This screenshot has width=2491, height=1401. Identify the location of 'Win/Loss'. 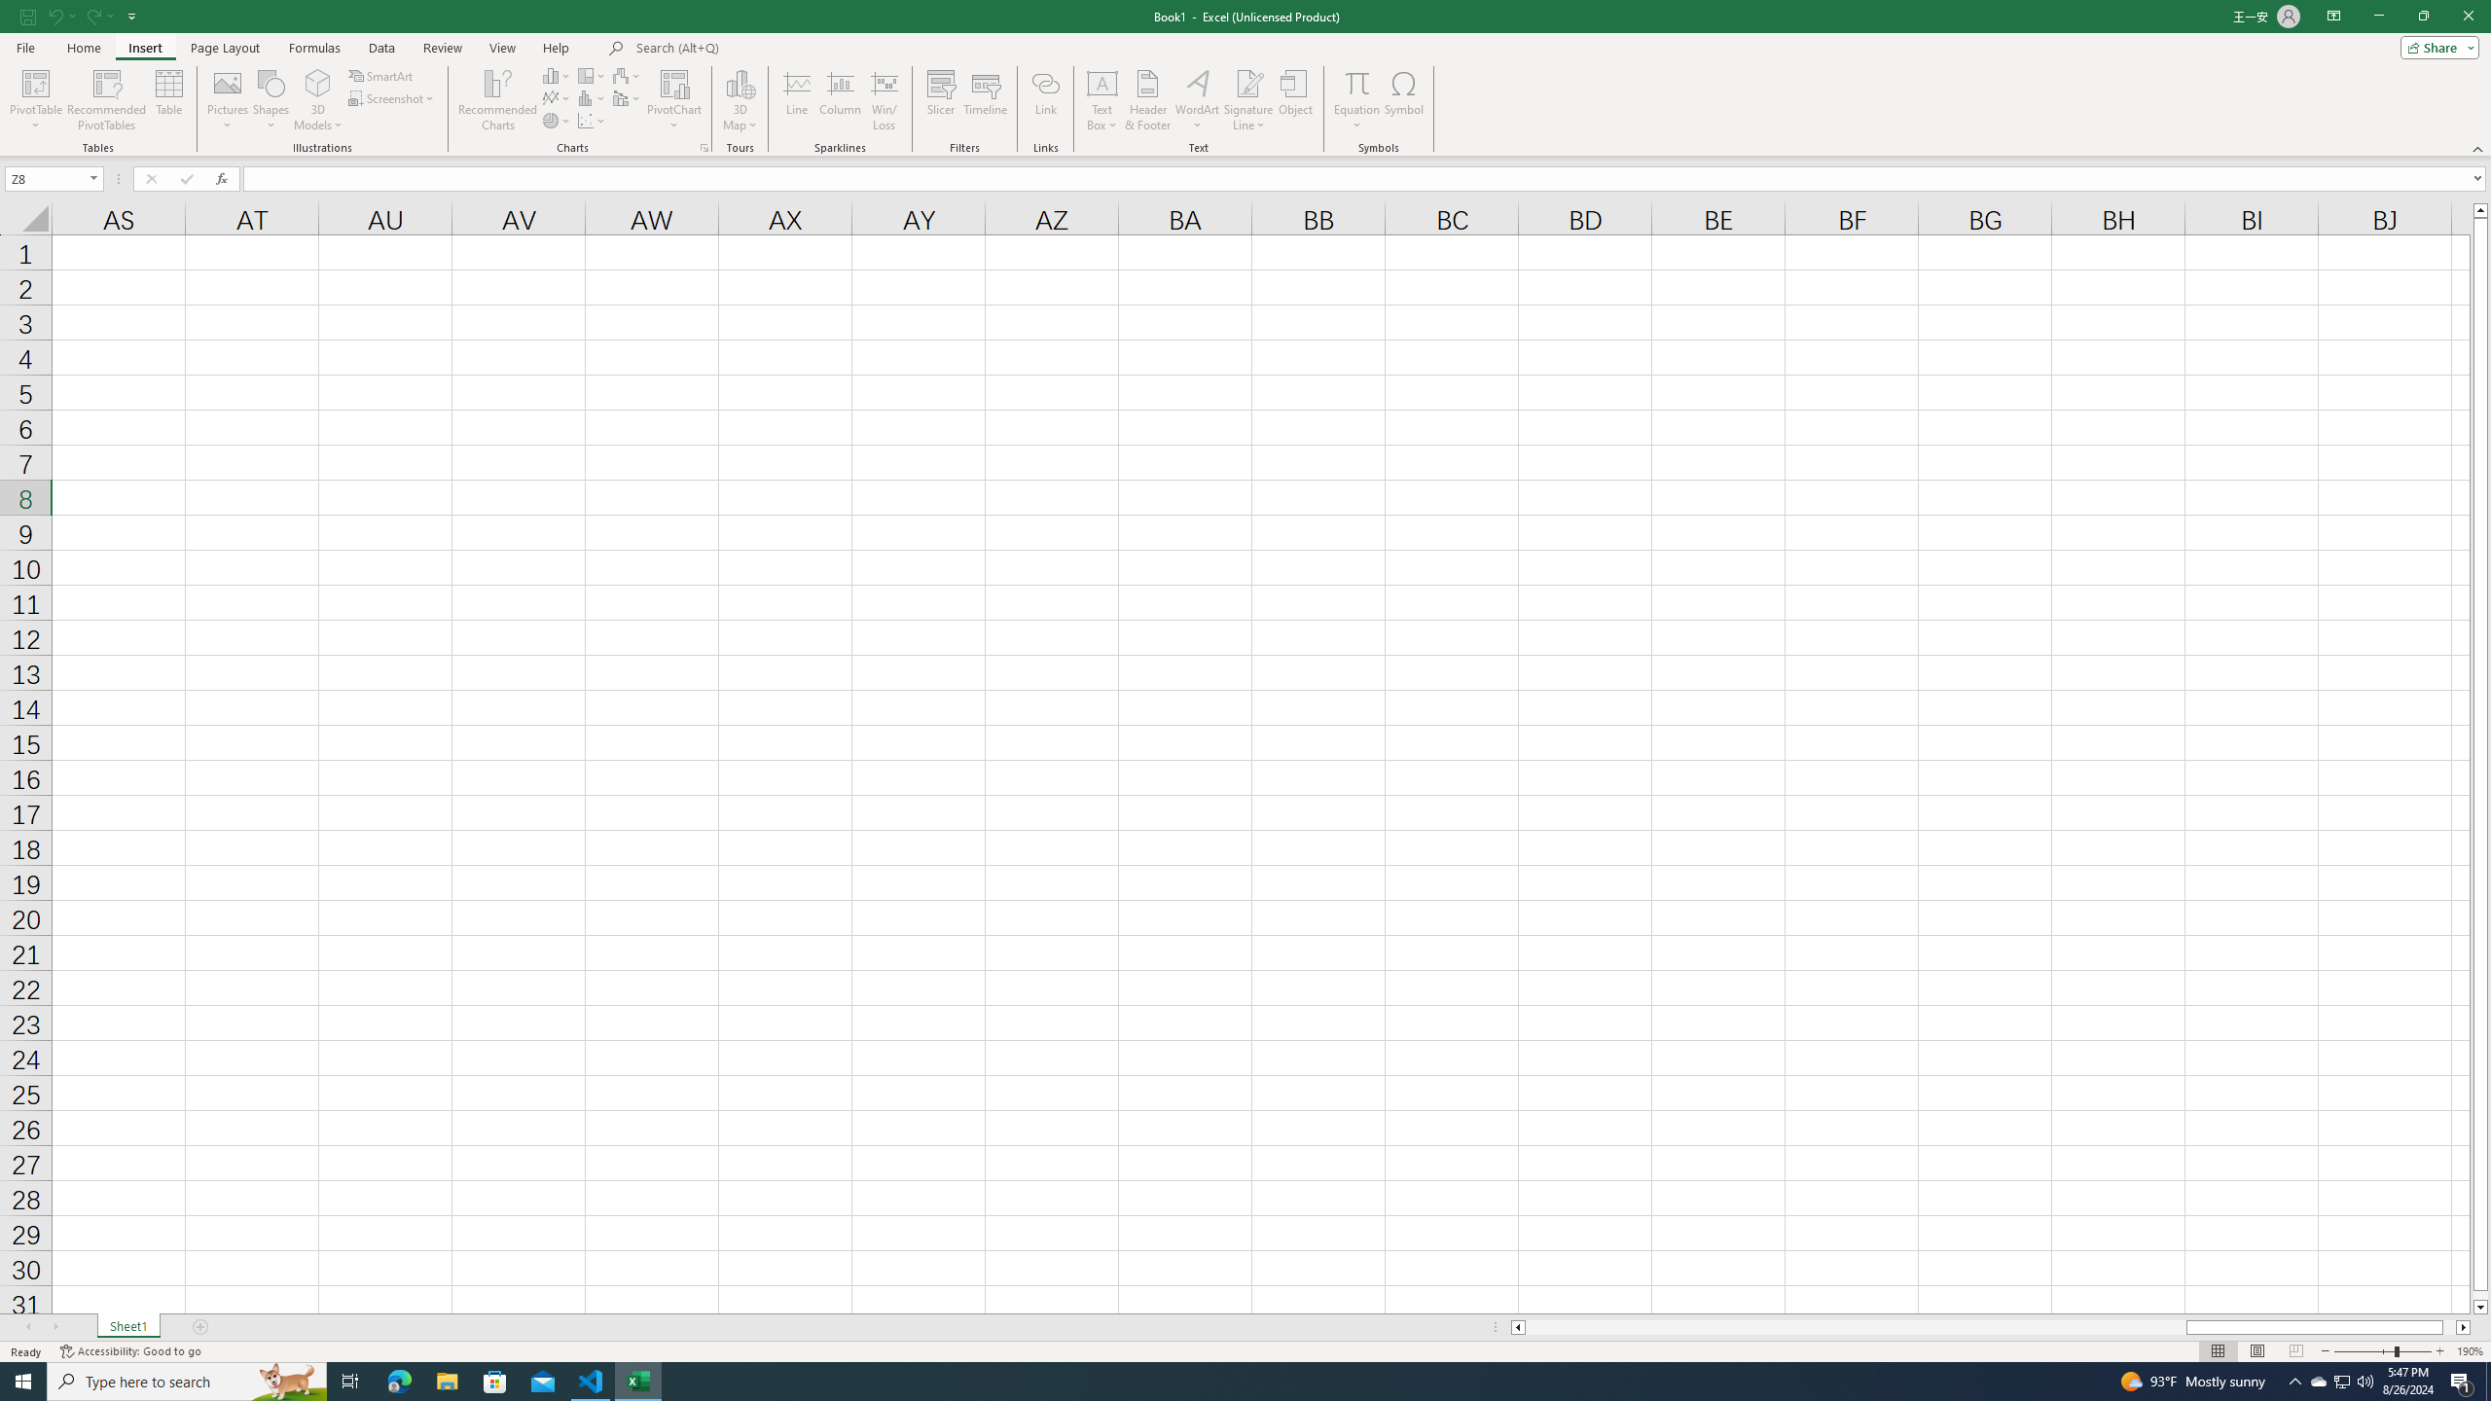
(884, 100).